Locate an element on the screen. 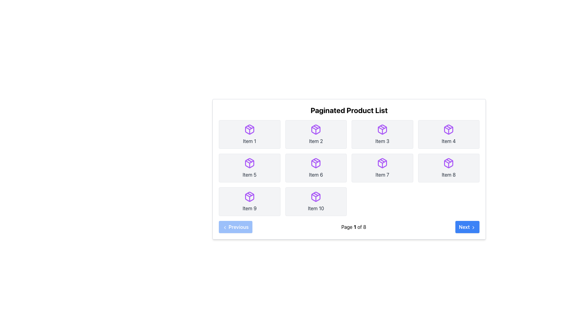 The height and width of the screenshot is (330, 586). the purple cube icon located at the center of the card labeled 'Item 8' in the second row, fourth column of the grid of the 'Paginated Product List' is located at coordinates (449, 163).